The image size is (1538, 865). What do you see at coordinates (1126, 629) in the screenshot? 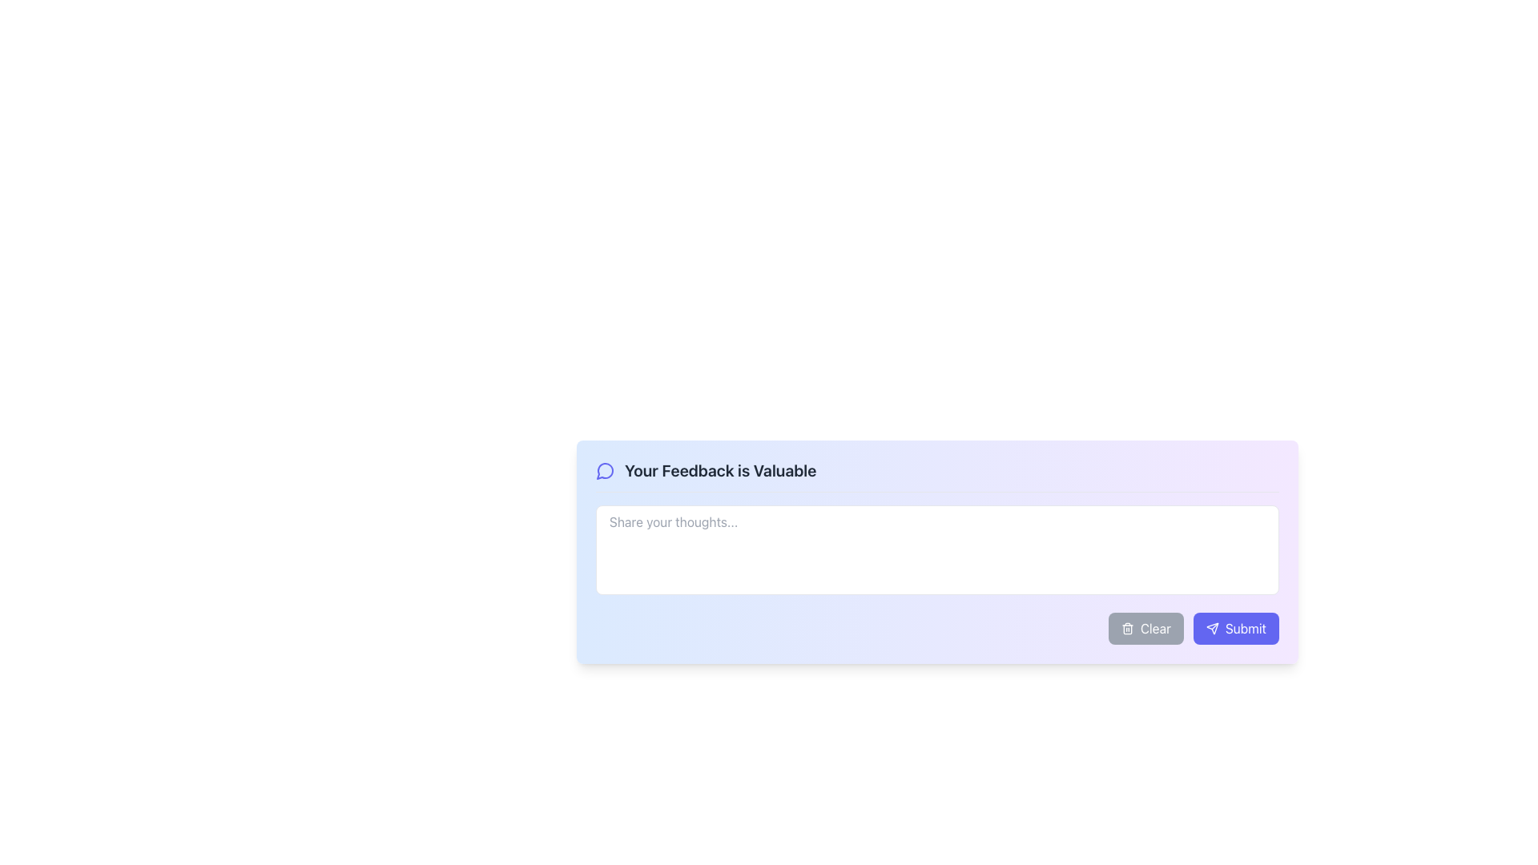
I see `the 'Clear' button that contains the trash can icon in the footer of the feedback form` at bounding box center [1126, 629].